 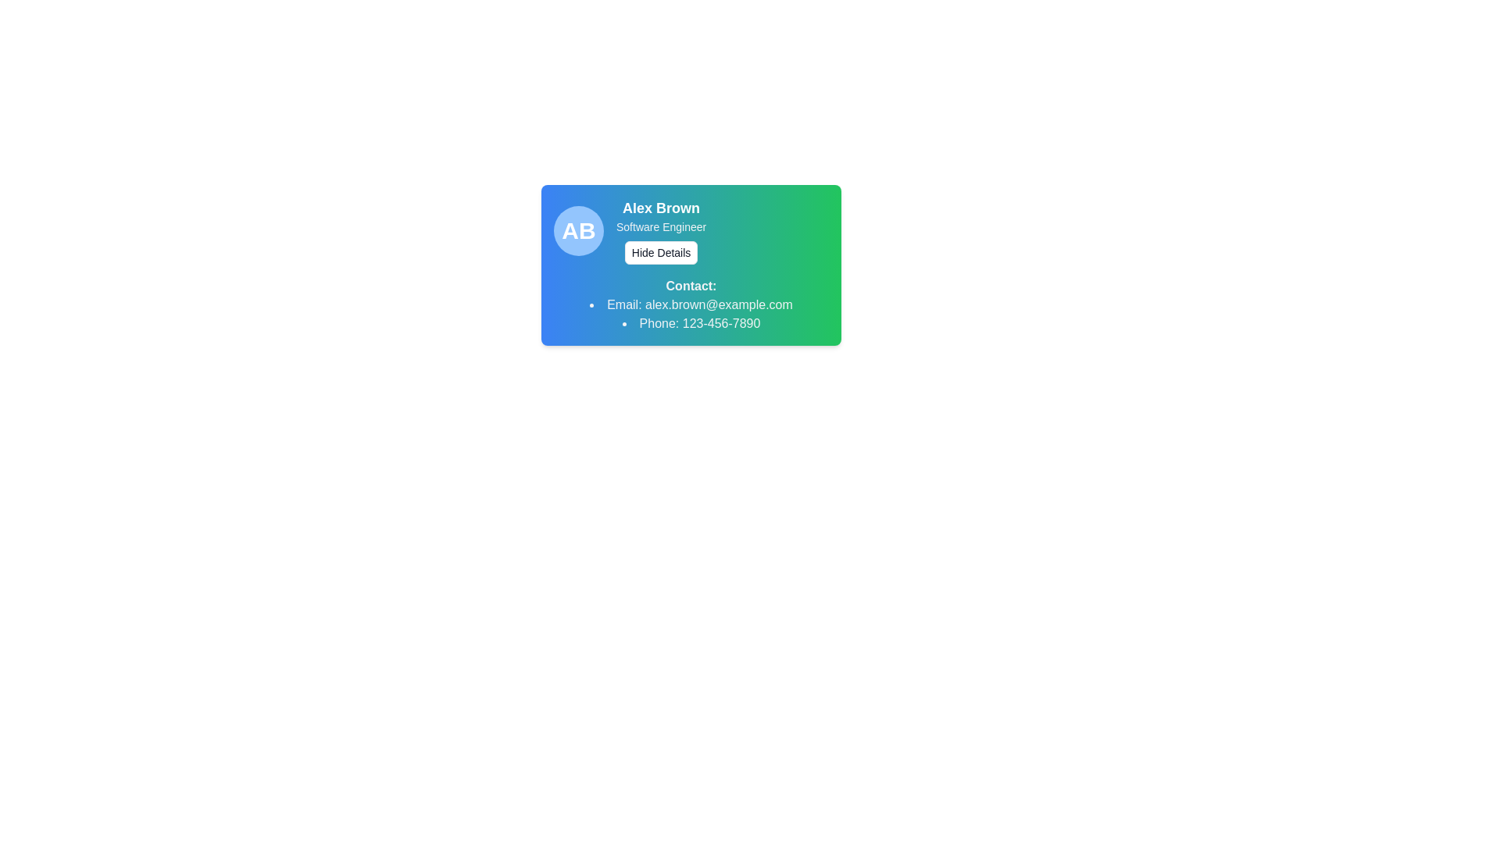 What do you see at coordinates (690, 264) in the screenshot?
I see `the 'Hide Details' button, which is a rectangular button with a white background and black text, located below 'Alex Brown' and 'Software Engineer' in the user's profile card` at bounding box center [690, 264].